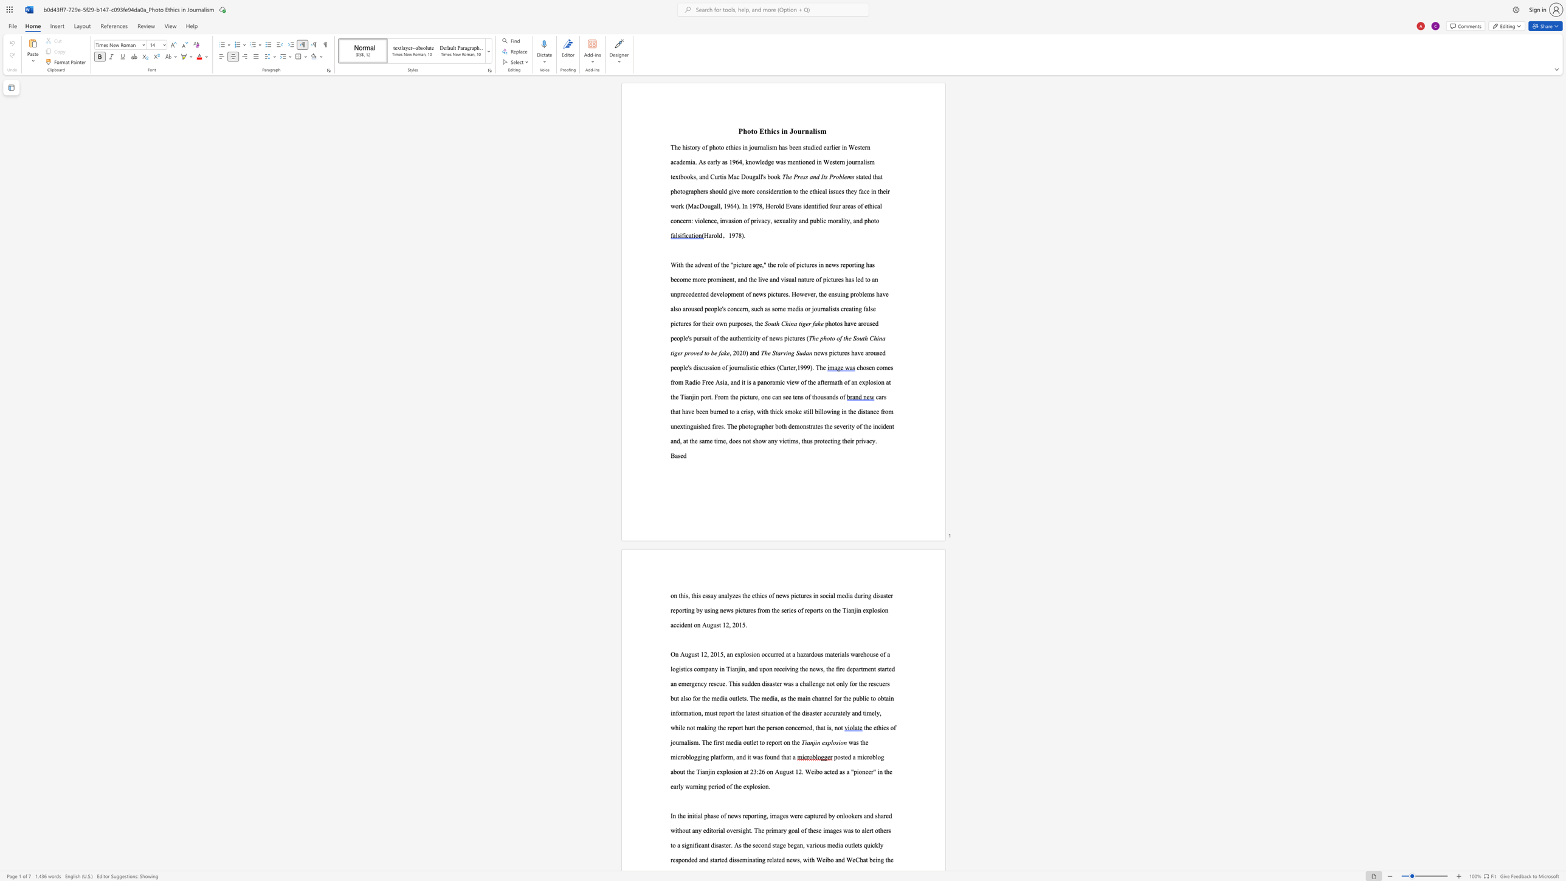 The image size is (1566, 881). What do you see at coordinates (793, 323) in the screenshot?
I see `the subset text "a t" within the text "South China tiger fake"` at bounding box center [793, 323].